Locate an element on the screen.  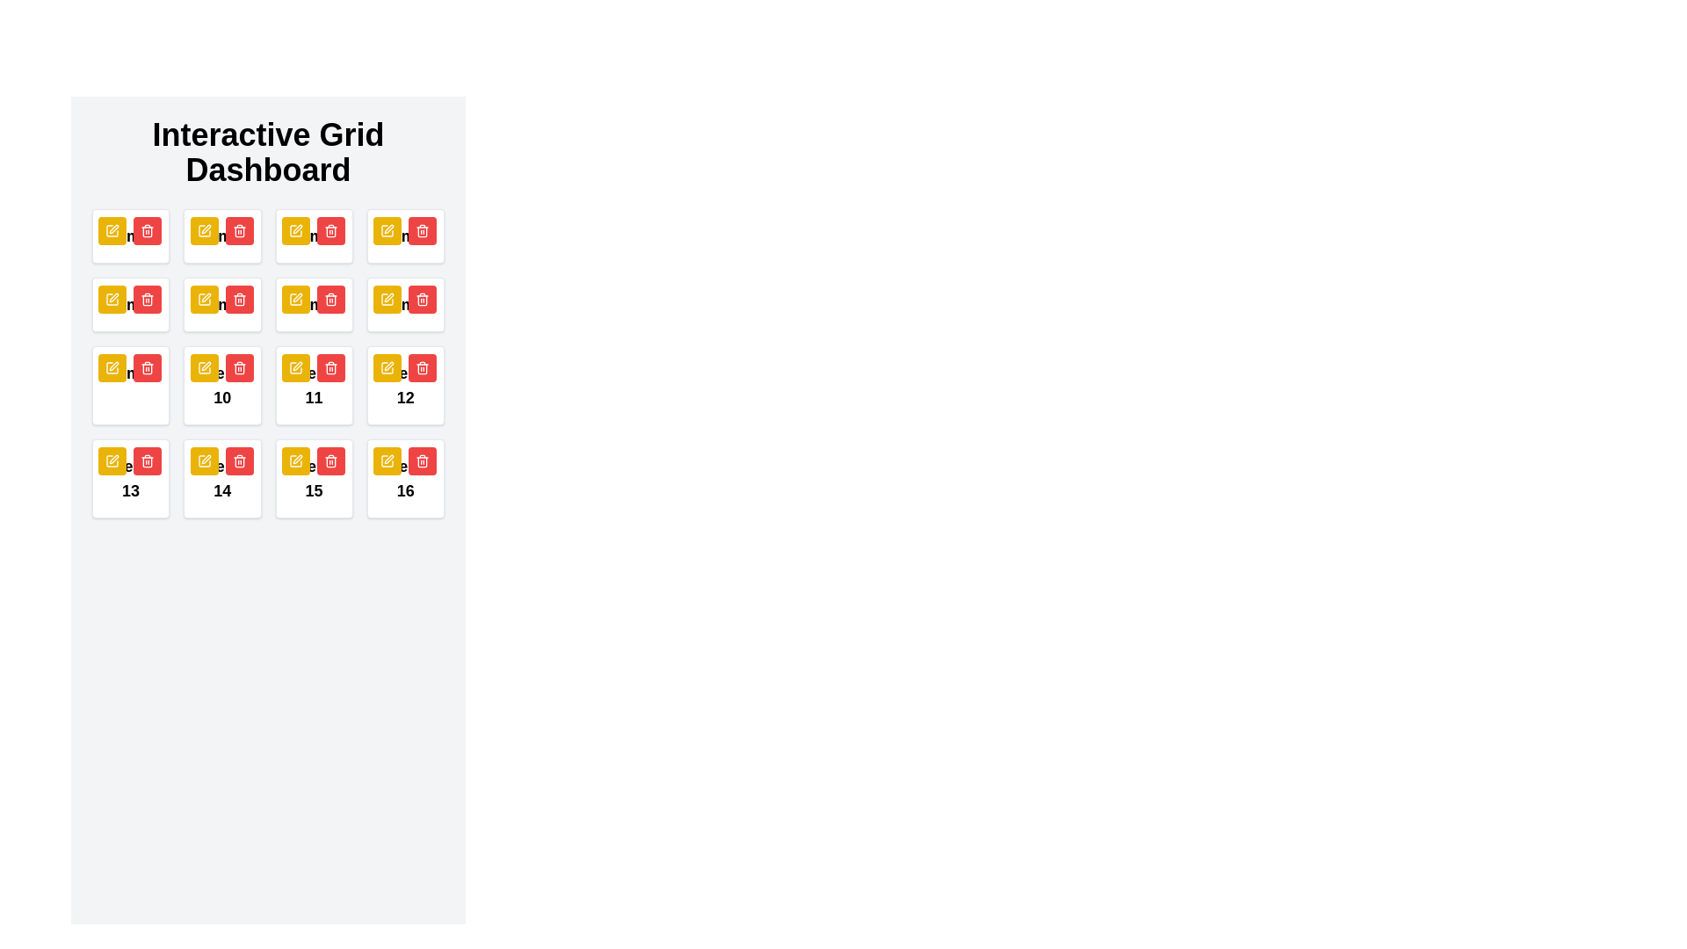
the 'delete' button located in the top-right corner group of the card labeled '10', which is the second button in a 4x4 grid layout is located at coordinates (238, 367).